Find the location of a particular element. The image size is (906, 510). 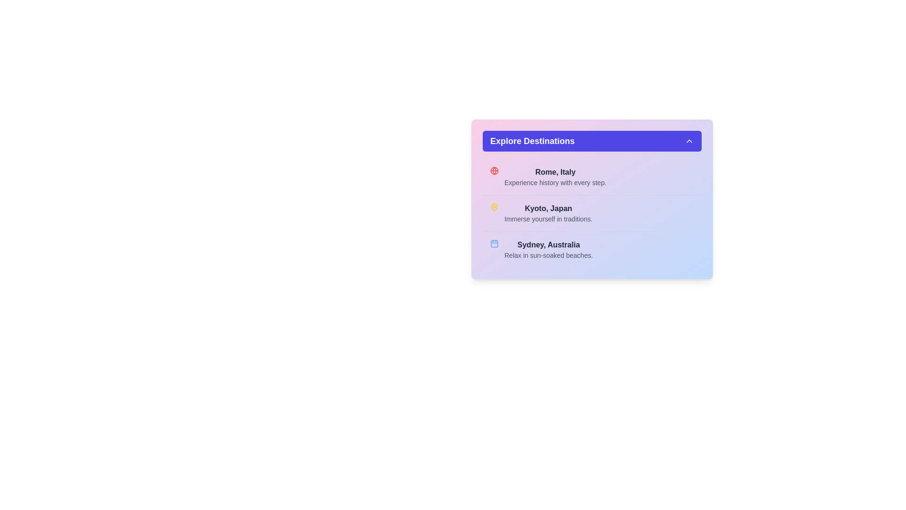

the globe icon representing travel or global destinations related to 'Rome, Italy', which is the leftmost icon under the section heading 'Explore Destinations', to obtain more information is located at coordinates (494, 171).